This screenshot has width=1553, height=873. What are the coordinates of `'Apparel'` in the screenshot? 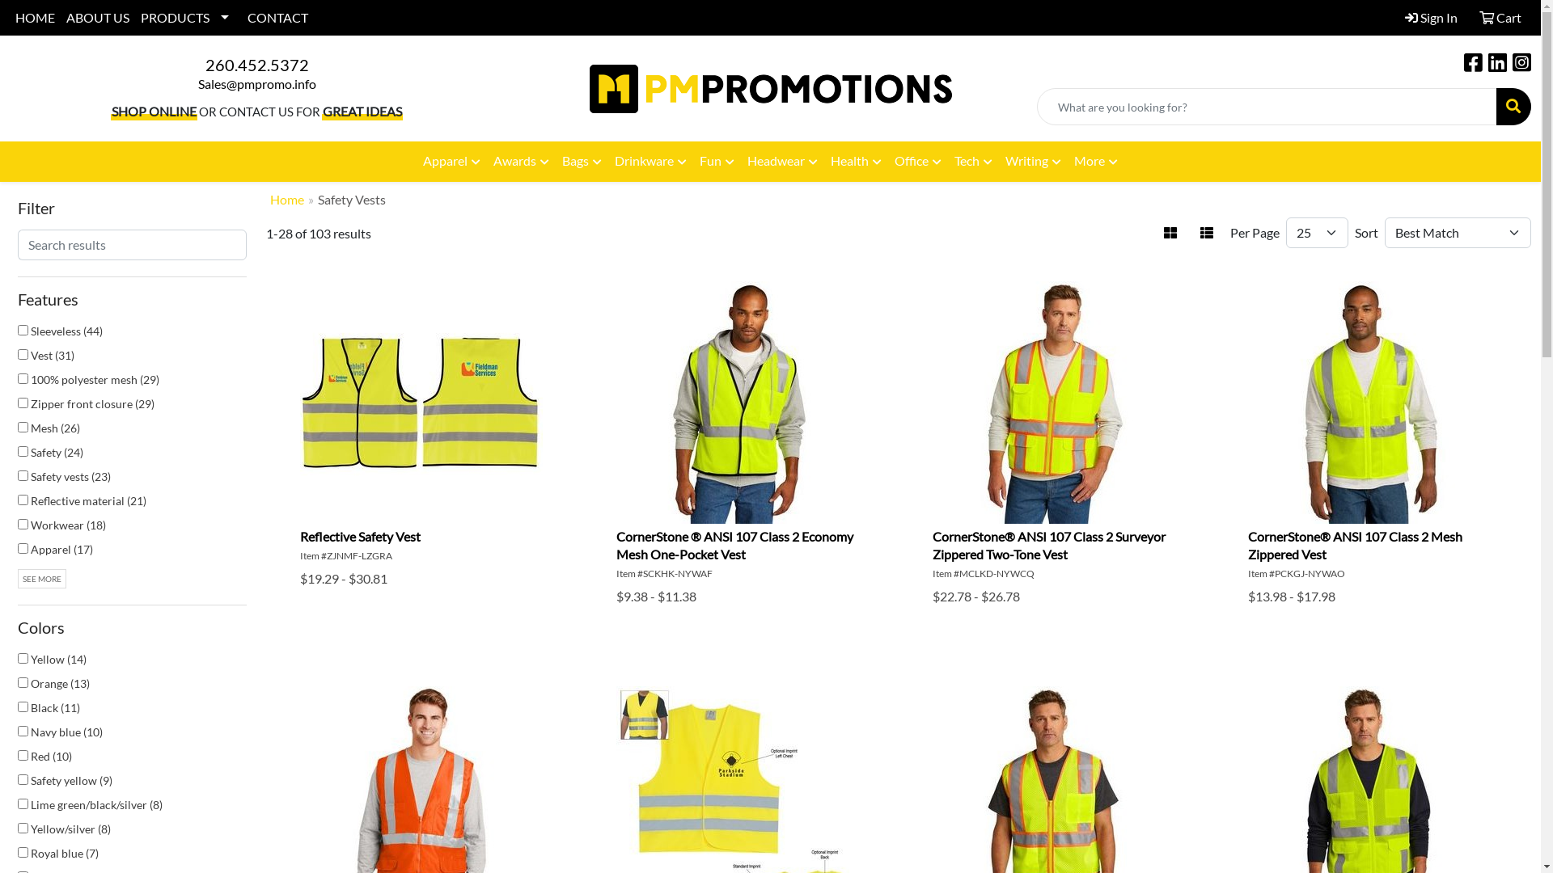 It's located at (451, 162).